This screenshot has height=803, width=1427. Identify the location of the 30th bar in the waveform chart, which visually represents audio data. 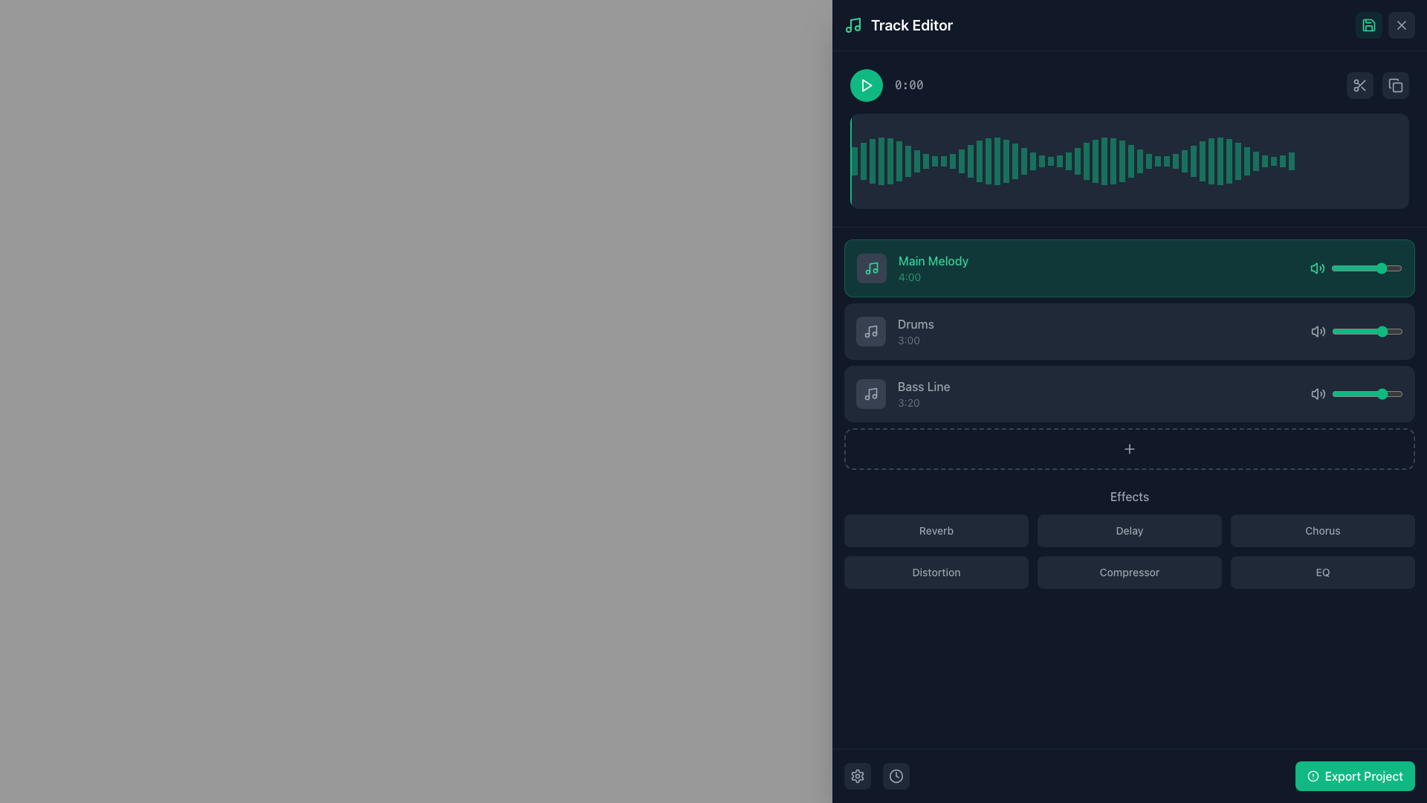
(1113, 161).